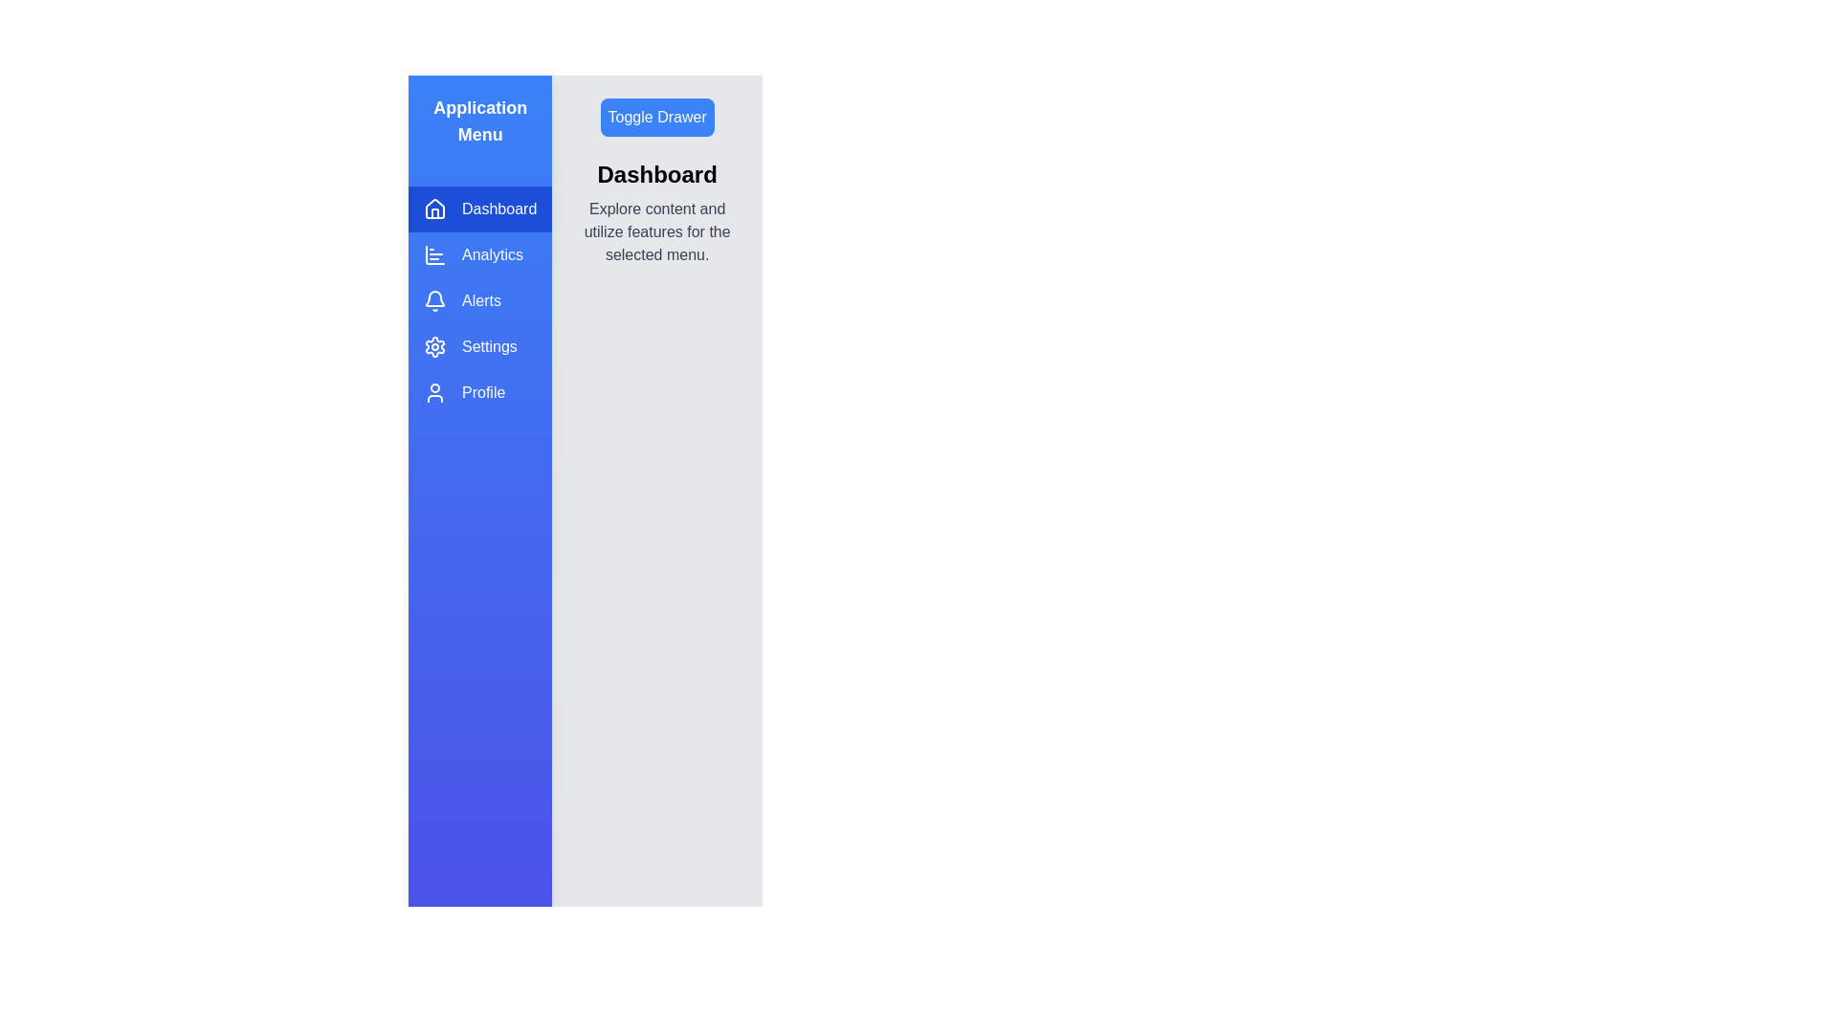 The image size is (1837, 1033). I want to click on the 'Toggle Drawer' button to toggle the visibility of the drawer, so click(656, 118).